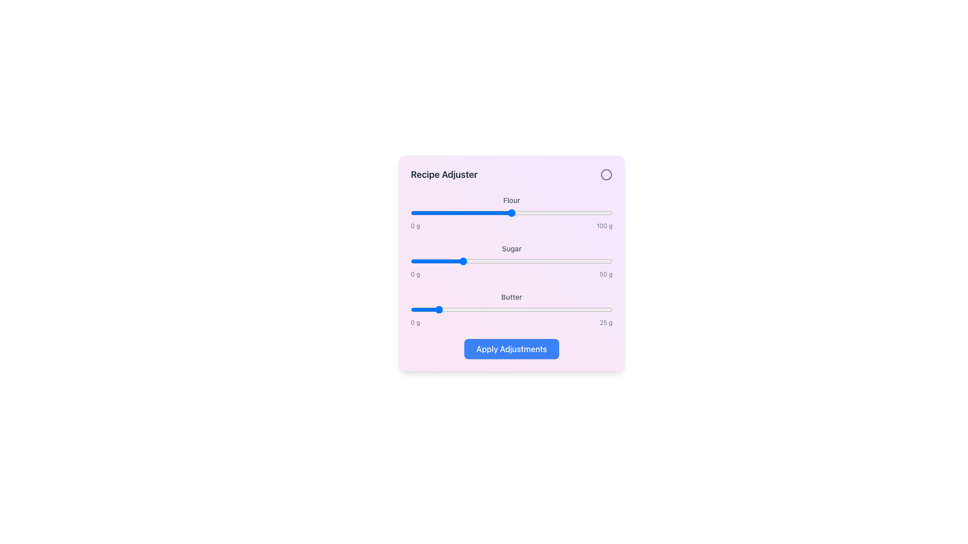 This screenshot has height=544, width=968. What do you see at coordinates (525, 261) in the screenshot?
I see `sugar slider` at bounding box center [525, 261].